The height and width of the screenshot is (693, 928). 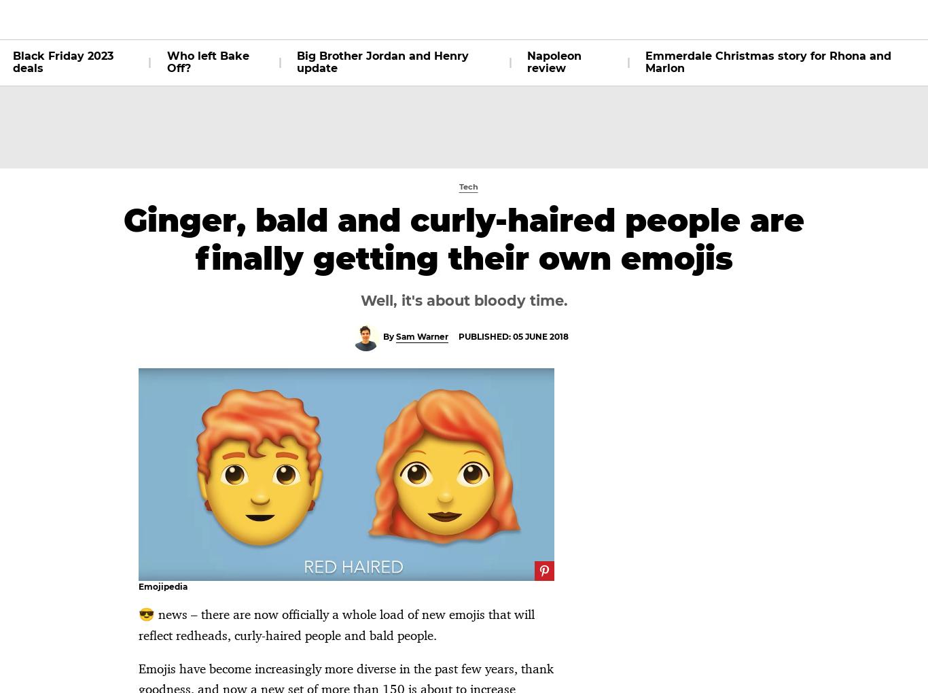 What do you see at coordinates (339, 475) in the screenshot?
I see `'Best Amazon Fire TV set deals for Black Friday'` at bounding box center [339, 475].